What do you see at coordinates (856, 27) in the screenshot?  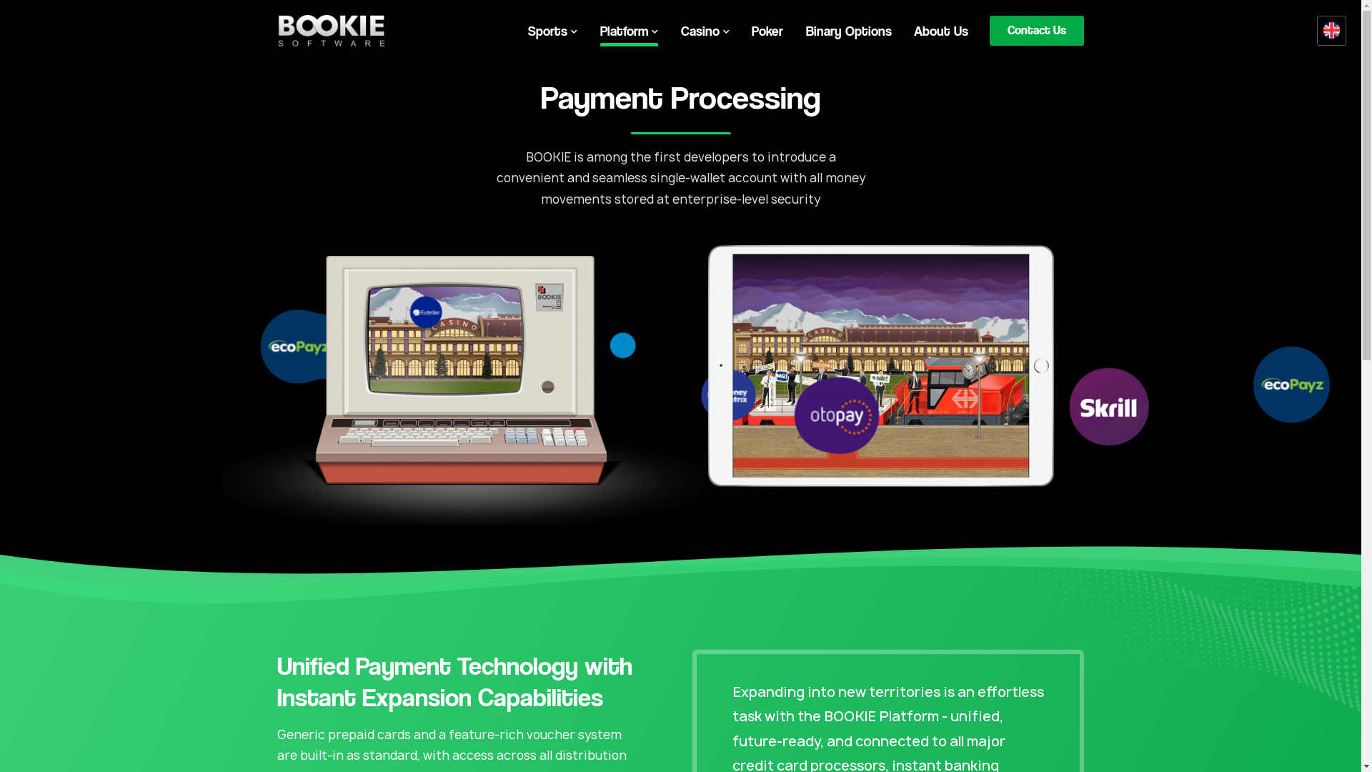 I see `'About Us'` at bounding box center [856, 27].